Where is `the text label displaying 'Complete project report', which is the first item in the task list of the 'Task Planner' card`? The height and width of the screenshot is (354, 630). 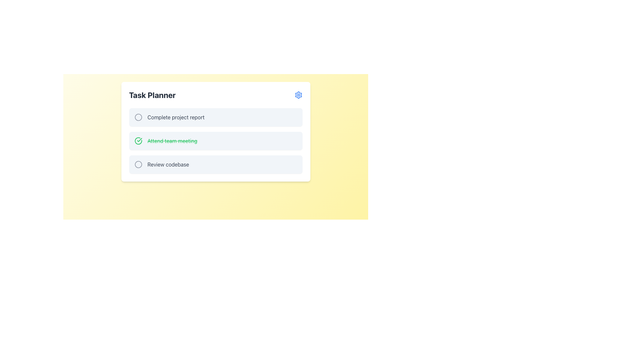 the text label displaying 'Complete project report', which is the first item in the task list of the 'Task Planner' card is located at coordinates (169, 117).